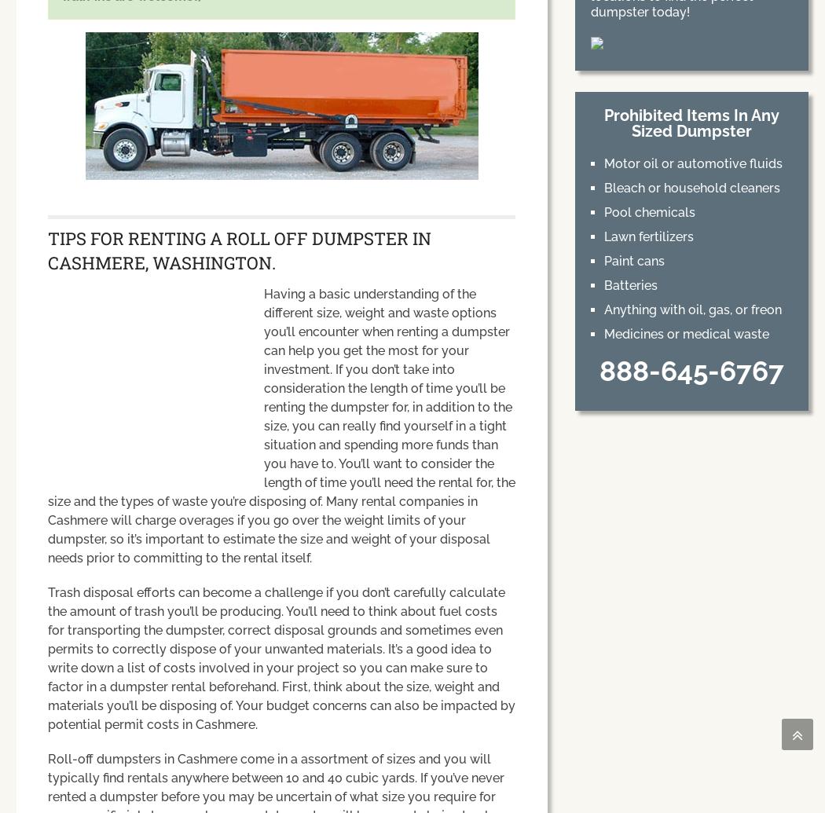  What do you see at coordinates (690, 371) in the screenshot?
I see `'888-645-6767'` at bounding box center [690, 371].